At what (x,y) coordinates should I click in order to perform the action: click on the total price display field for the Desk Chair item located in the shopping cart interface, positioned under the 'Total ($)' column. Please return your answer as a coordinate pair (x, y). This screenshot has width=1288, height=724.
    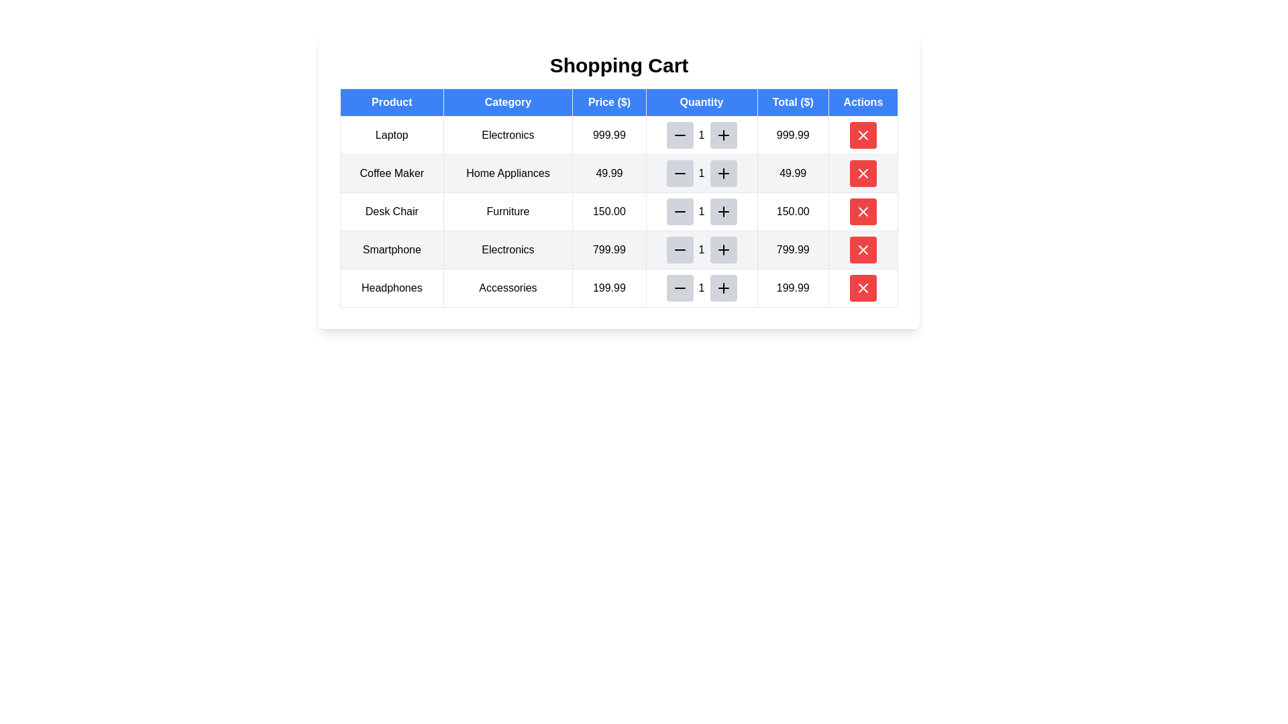
    Looking at the image, I should click on (793, 211).